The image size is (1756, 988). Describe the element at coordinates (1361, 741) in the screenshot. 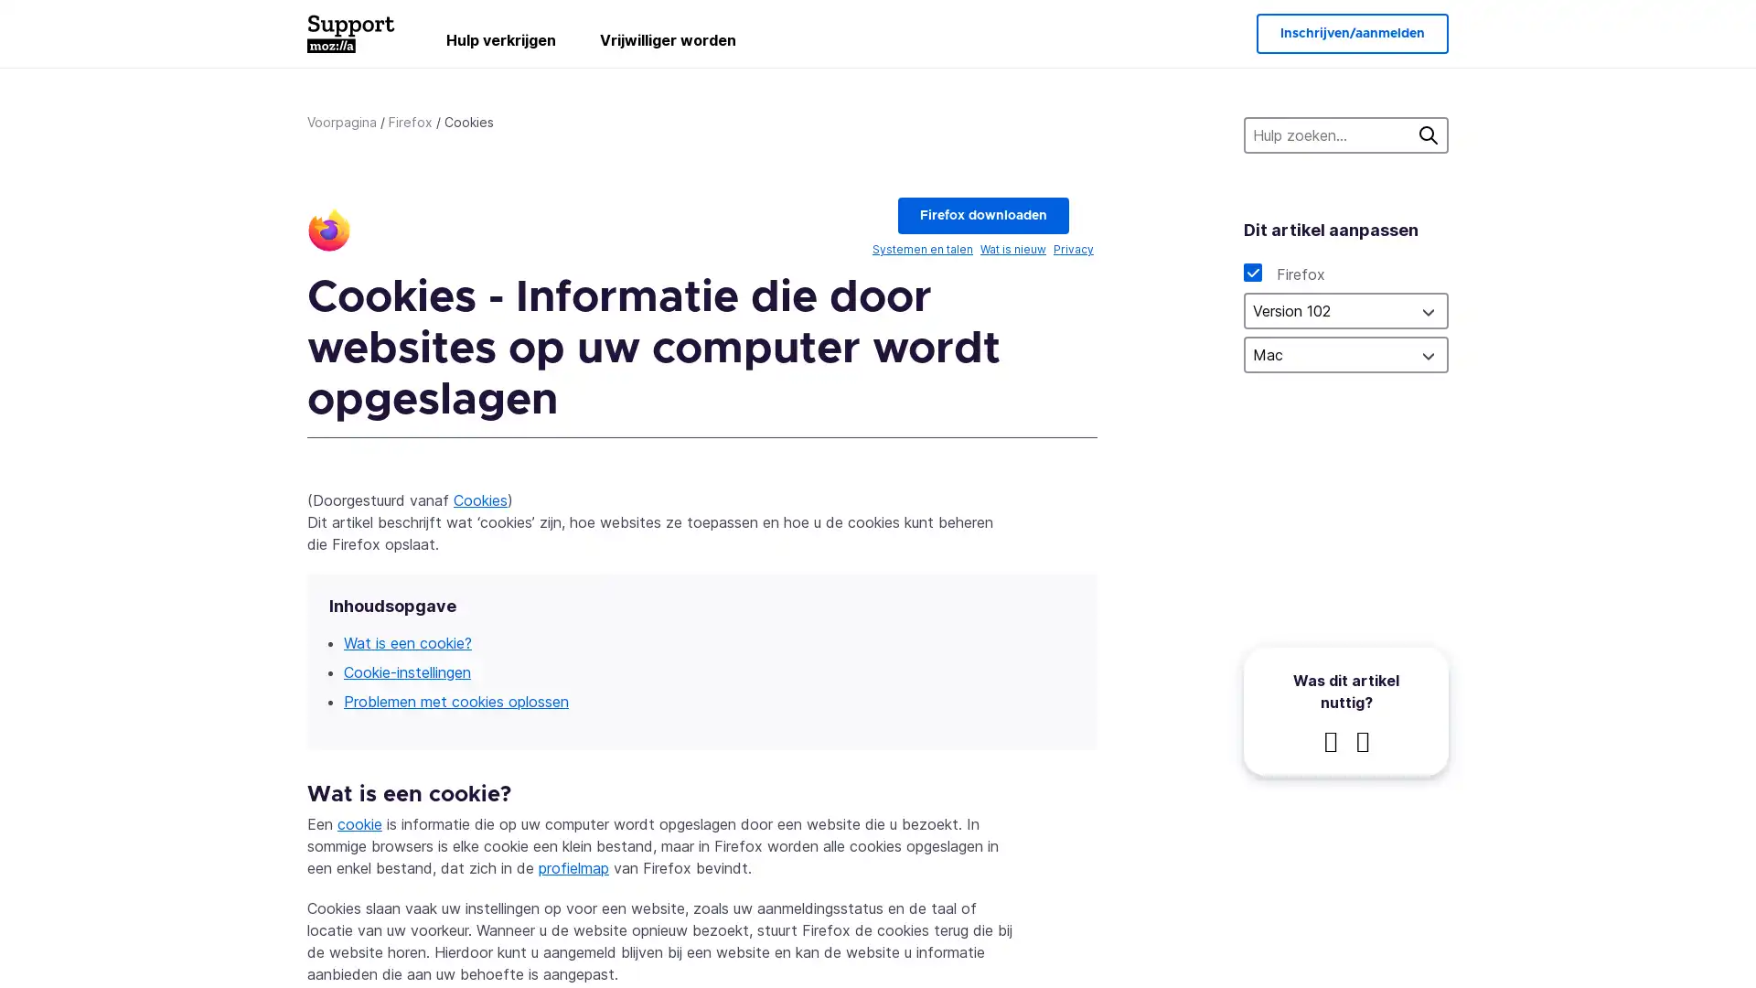

I see `Nee` at that location.